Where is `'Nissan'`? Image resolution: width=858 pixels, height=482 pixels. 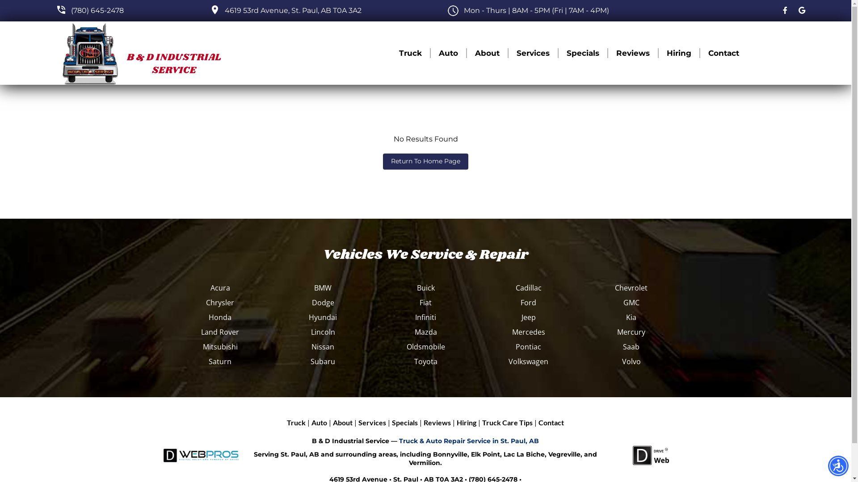 'Nissan' is located at coordinates (323, 346).